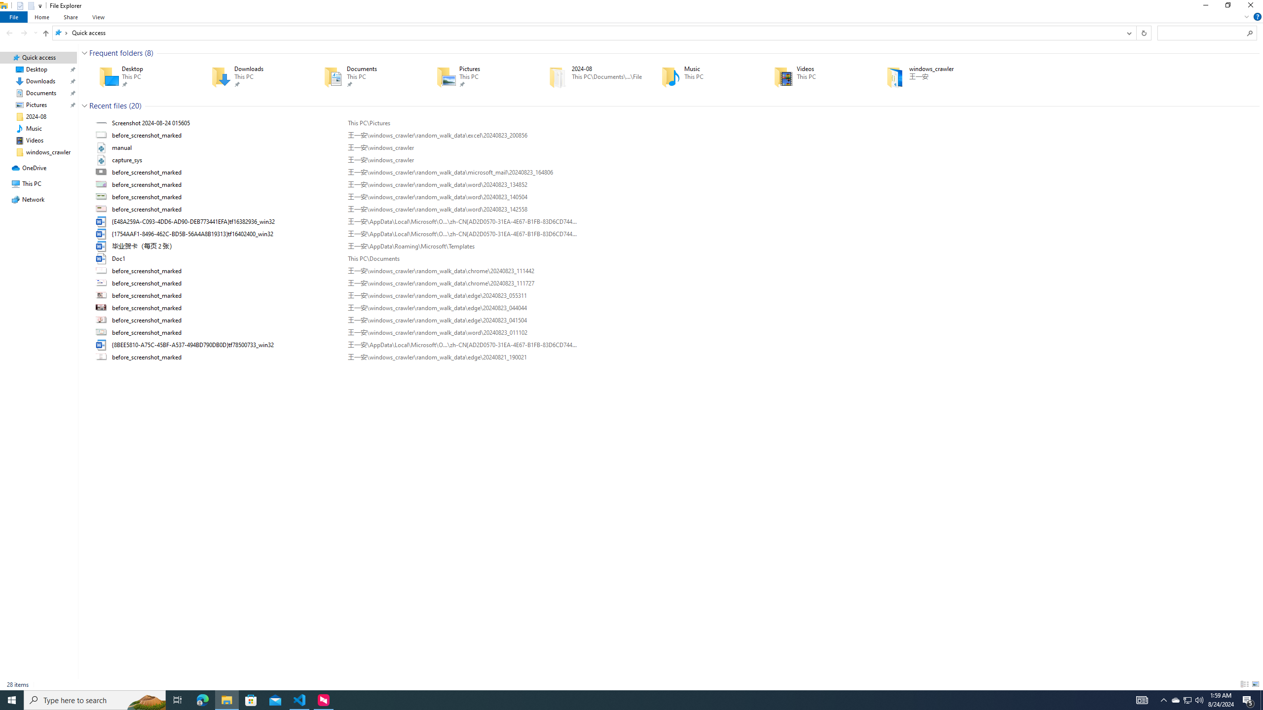  I want to click on 'Customize Quick Access Toolbar', so click(39, 5).